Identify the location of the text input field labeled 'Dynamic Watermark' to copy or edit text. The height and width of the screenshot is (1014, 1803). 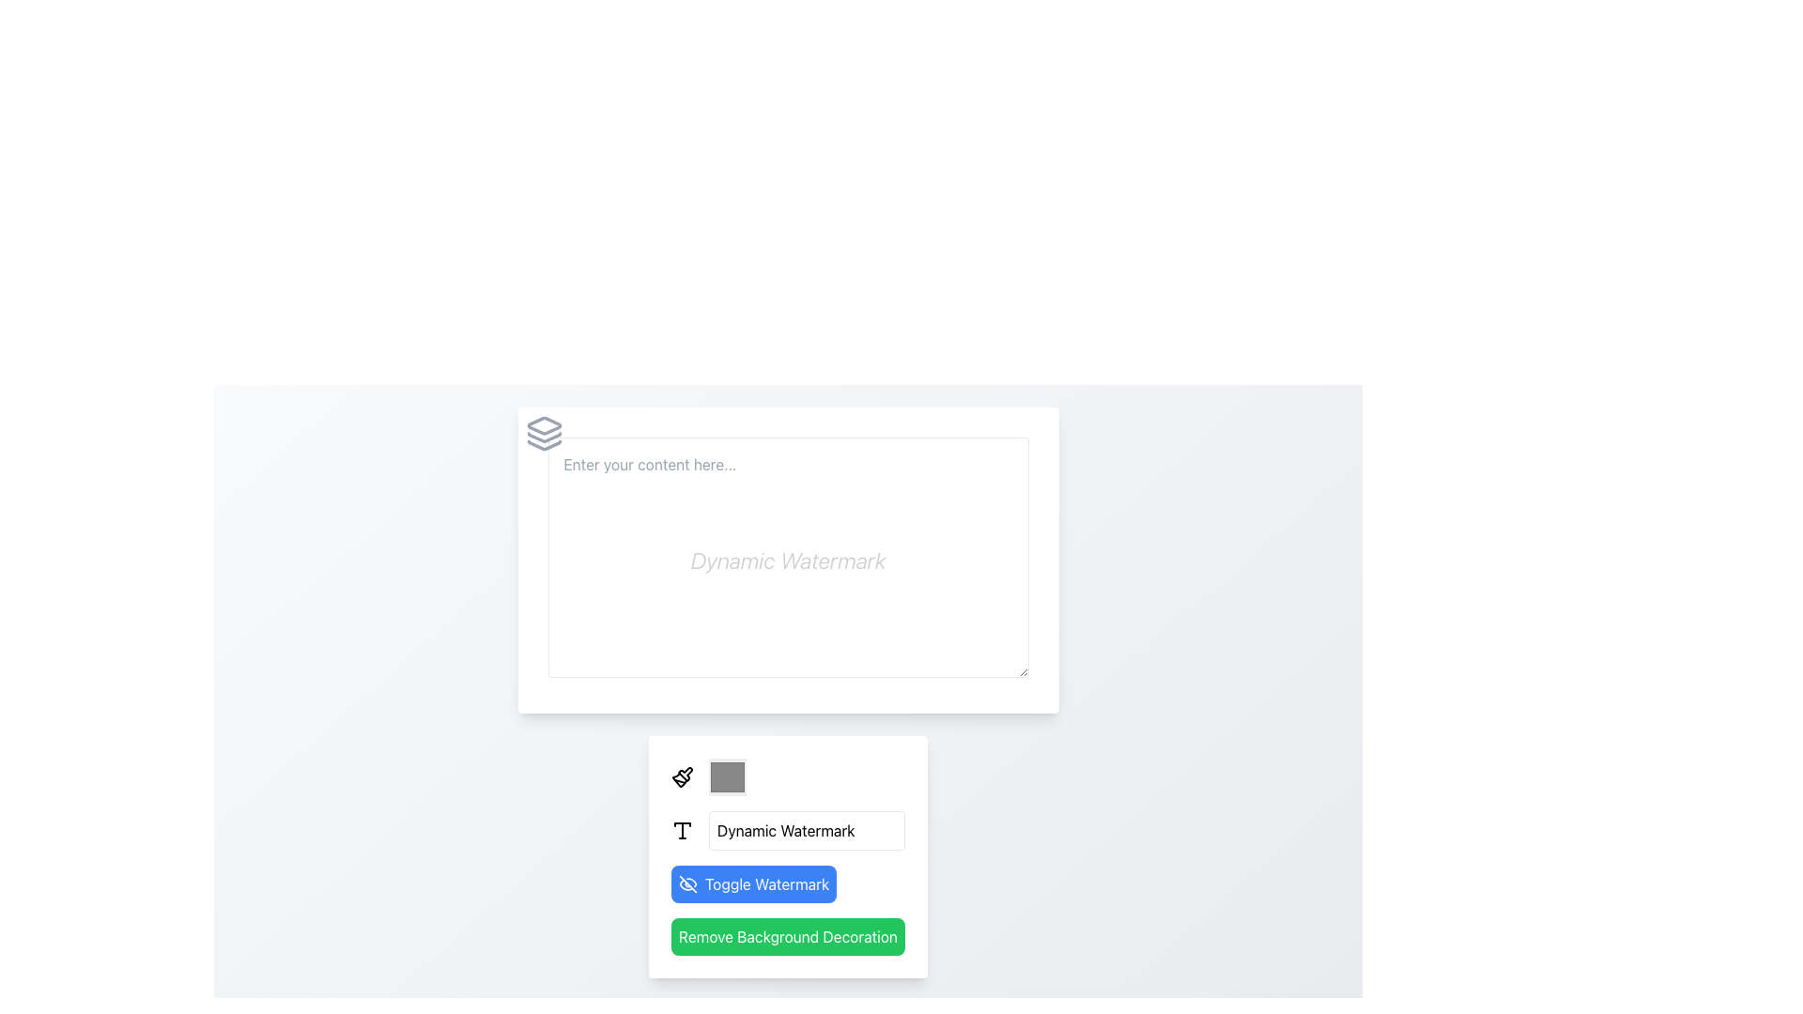
(788, 829).